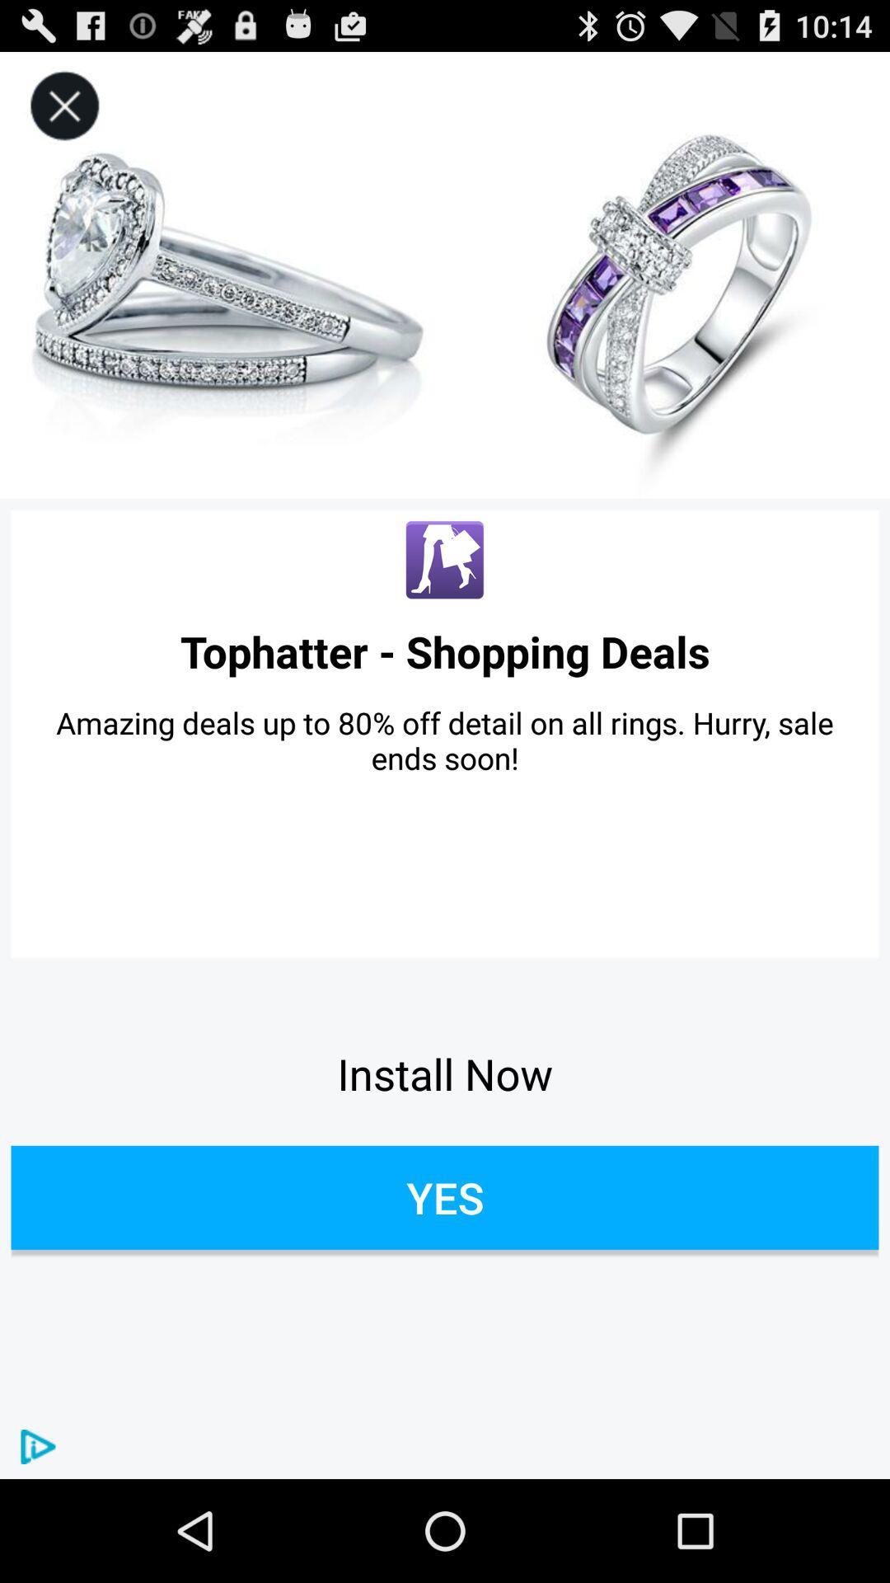 The image size is (890, 1583). What do you see at coordinates (445, 1073) in the screenshot?
I see `the icon below amazing deals up` at bounding box center [445, 1073].